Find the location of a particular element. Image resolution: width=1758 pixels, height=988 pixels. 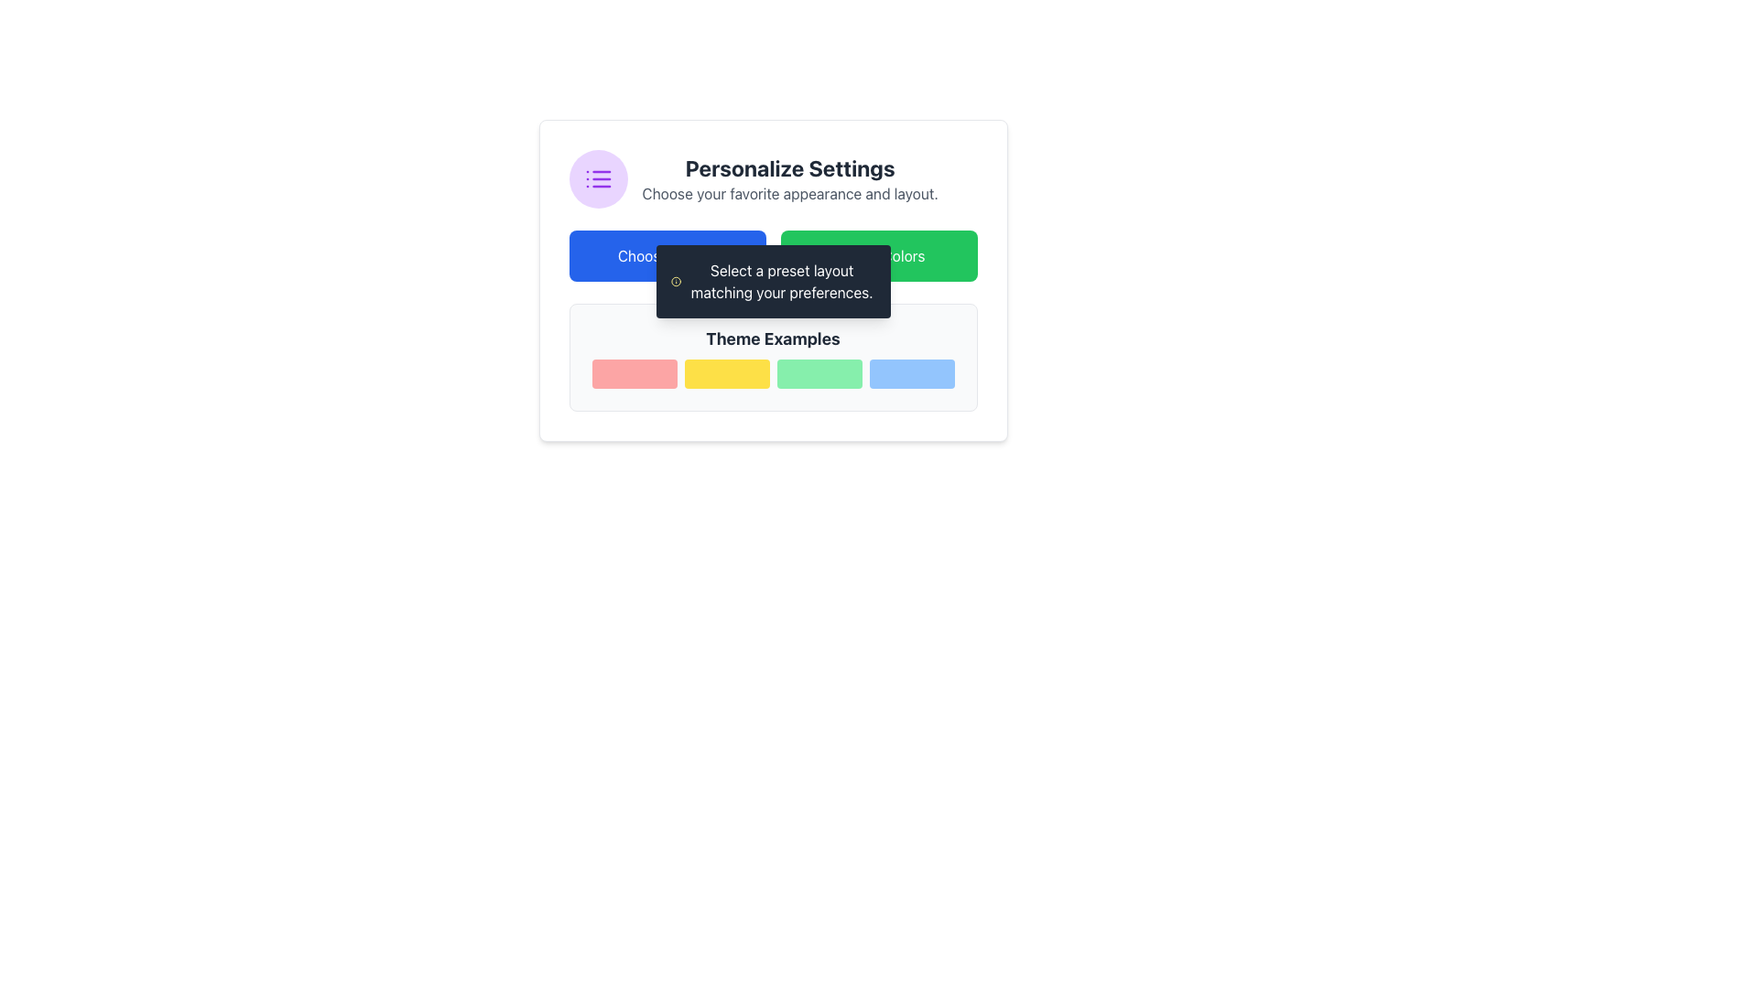

the theme selection button is located at coordinates (912, 372).